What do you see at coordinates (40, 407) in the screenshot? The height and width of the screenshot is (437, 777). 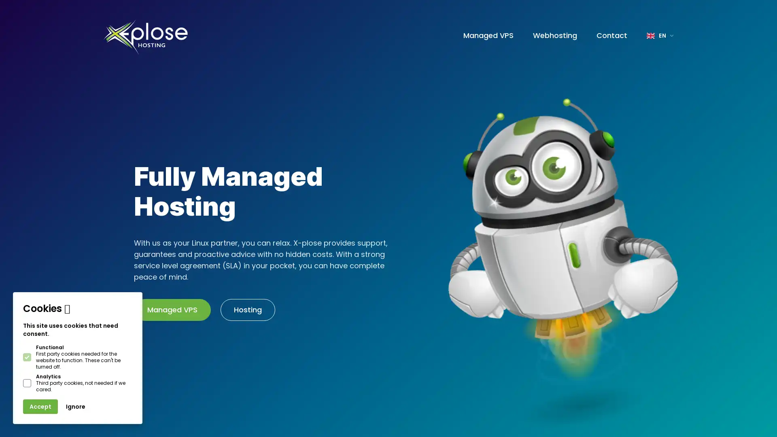 I see `Accept` at bounding box center [40, 407].